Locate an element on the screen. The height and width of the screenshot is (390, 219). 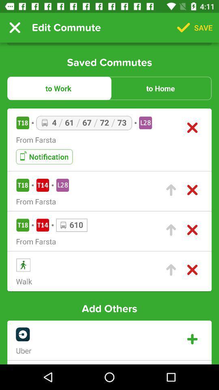
delete saved entry is located at coordinates (192, 190).